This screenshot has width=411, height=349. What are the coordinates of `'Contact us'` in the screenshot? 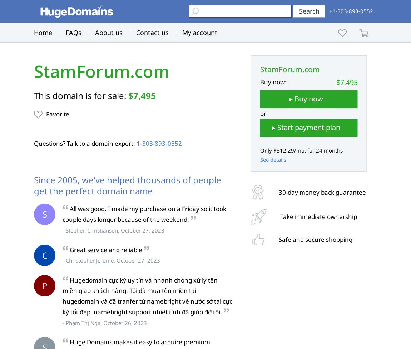 It's located at (152, 32).